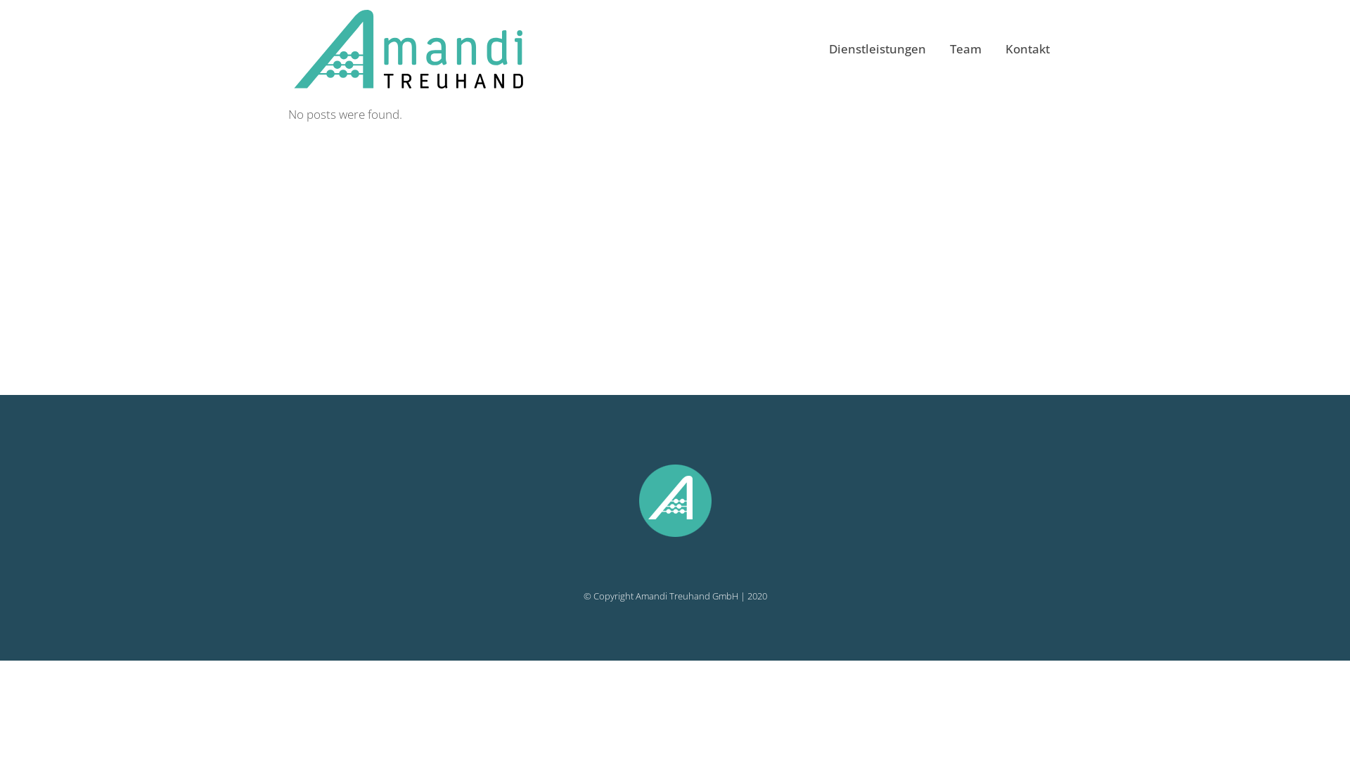  What do you see at coordinates (877, 48) in the screenshot?
I see `'Dienstleistungen'` at bounding box center [877, 48].